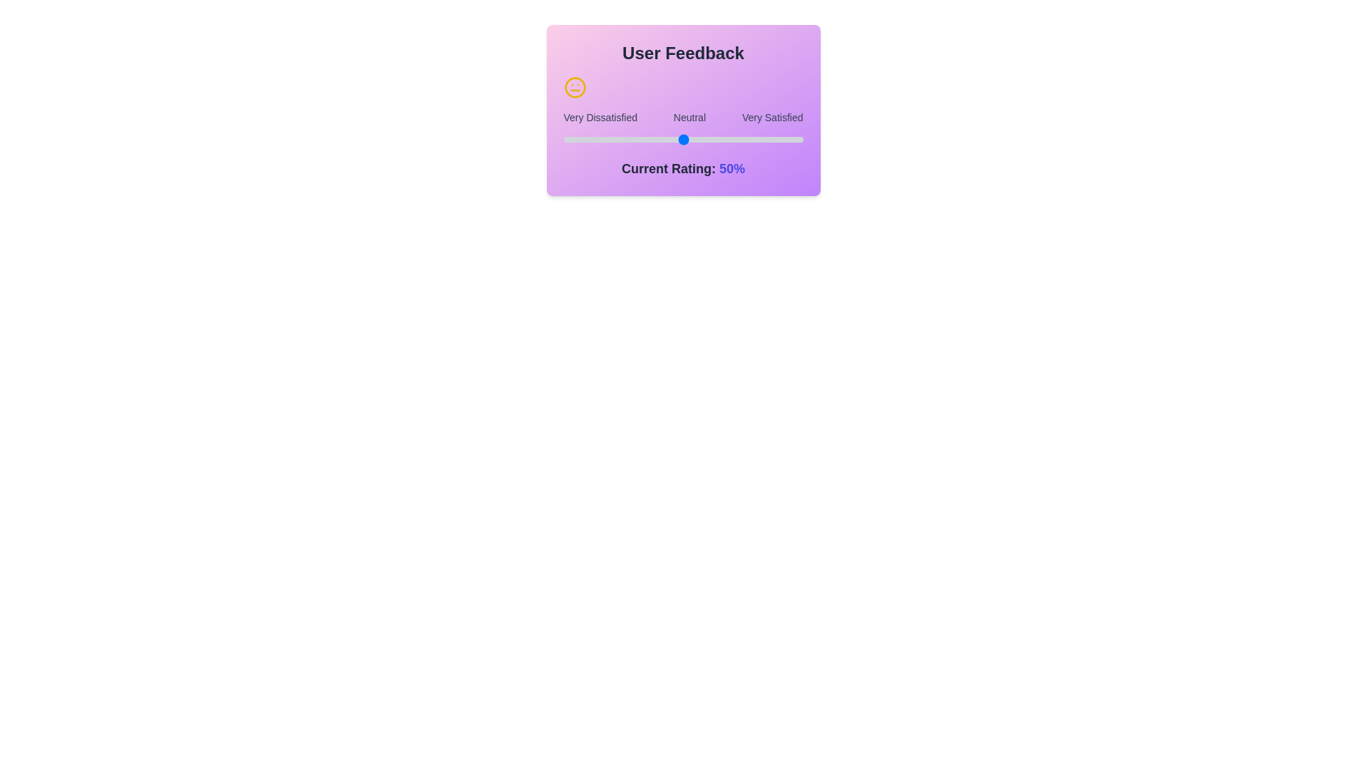 The width and height of the screenshot is (1369, 770). I want to click on the slider to set the rating to 50%, so click(682, 140).